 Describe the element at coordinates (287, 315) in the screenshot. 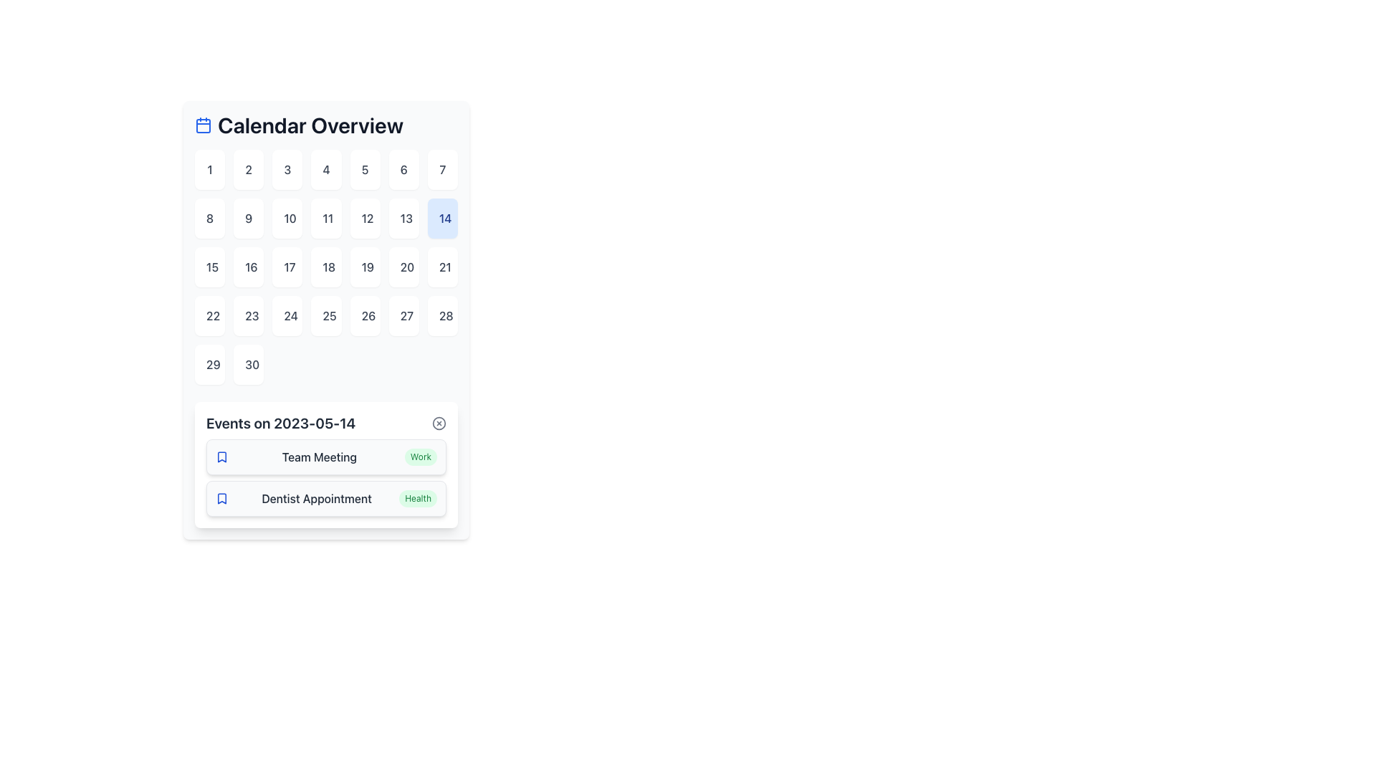

I see `the square button labeled '24' in the calendar view` at that location.